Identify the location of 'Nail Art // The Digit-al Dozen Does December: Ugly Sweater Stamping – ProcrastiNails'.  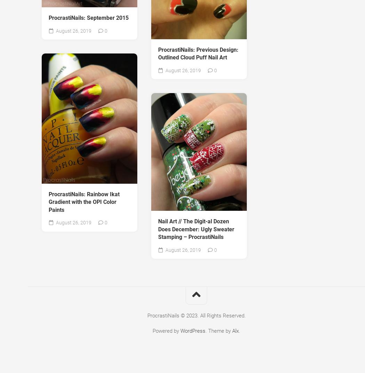
(196, 229).